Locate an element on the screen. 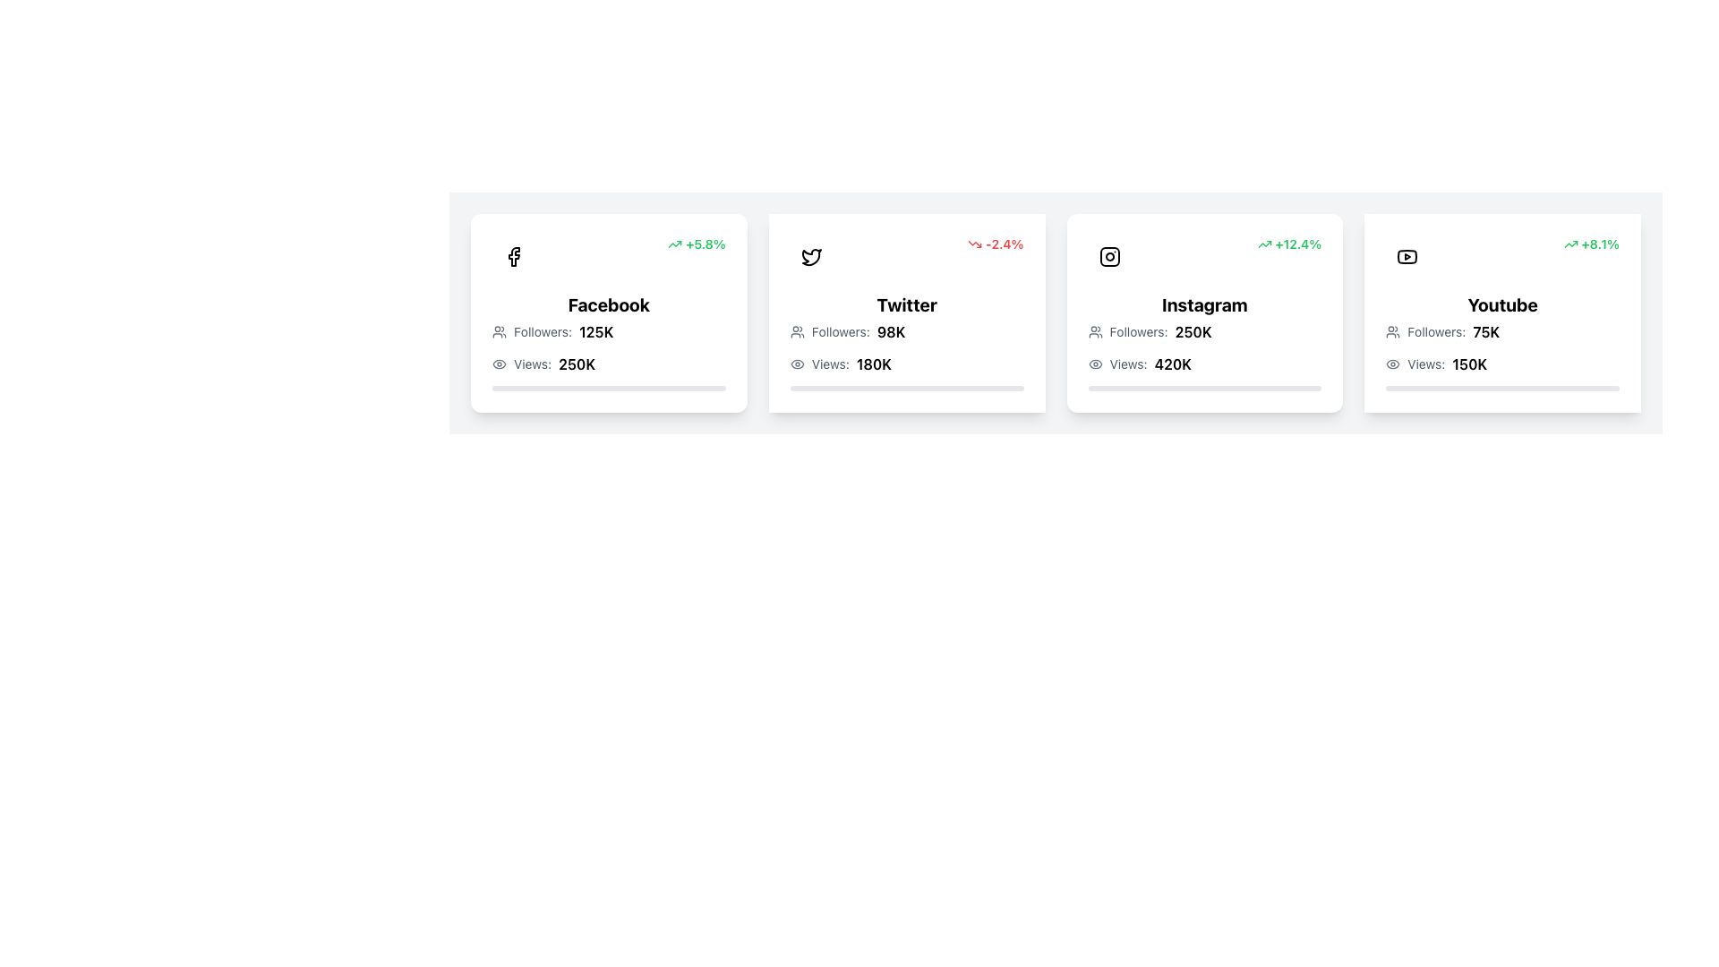 The image size is (1719, 967). the Instagram card element to interact with it, which displays the number of followers (250K) and is located at the top-left corner of the card, just below the title 'Instagram' is located at coordinates (1204, 331).